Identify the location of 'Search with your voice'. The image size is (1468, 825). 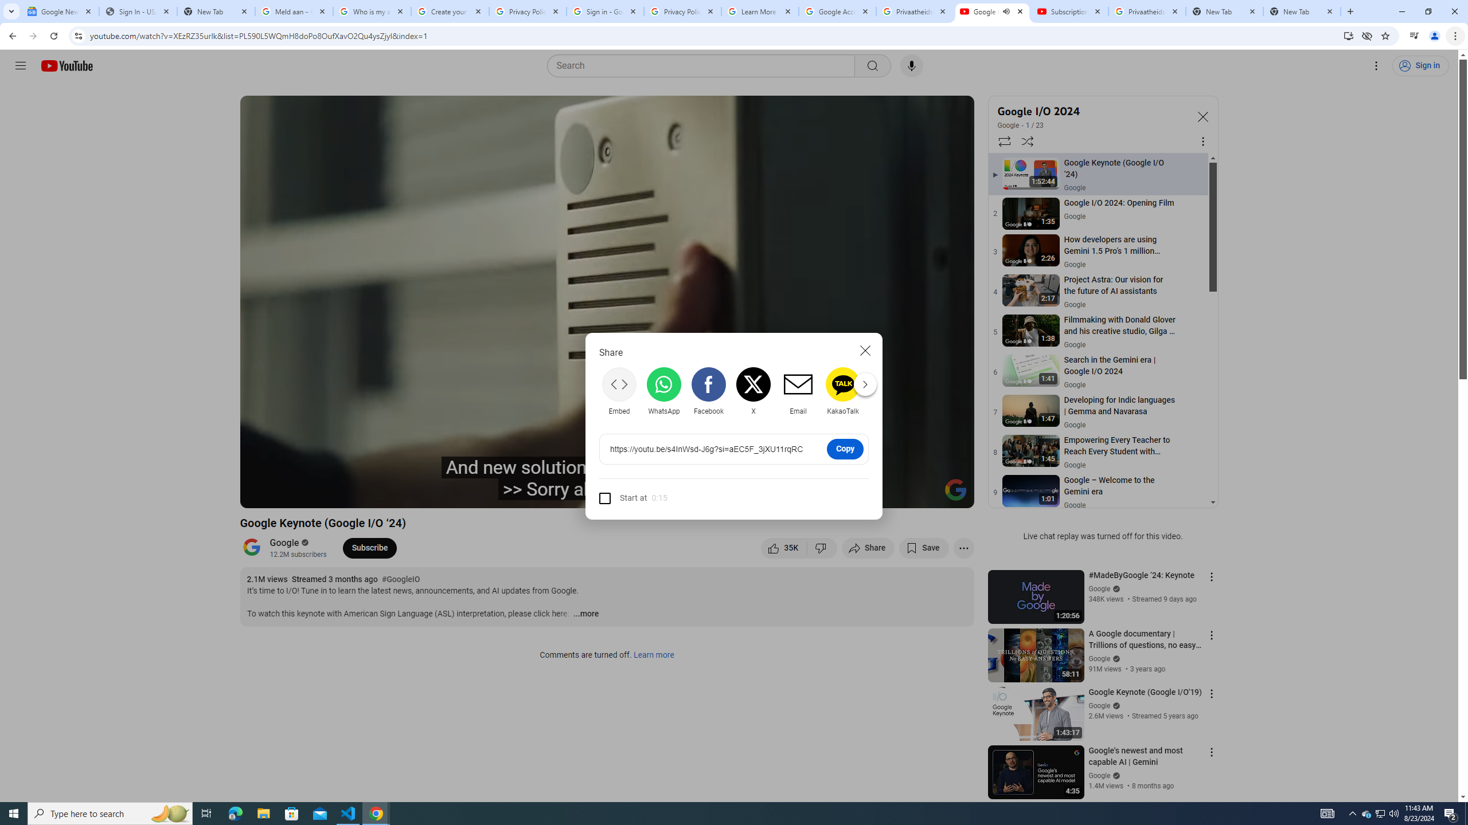
(911, 65).